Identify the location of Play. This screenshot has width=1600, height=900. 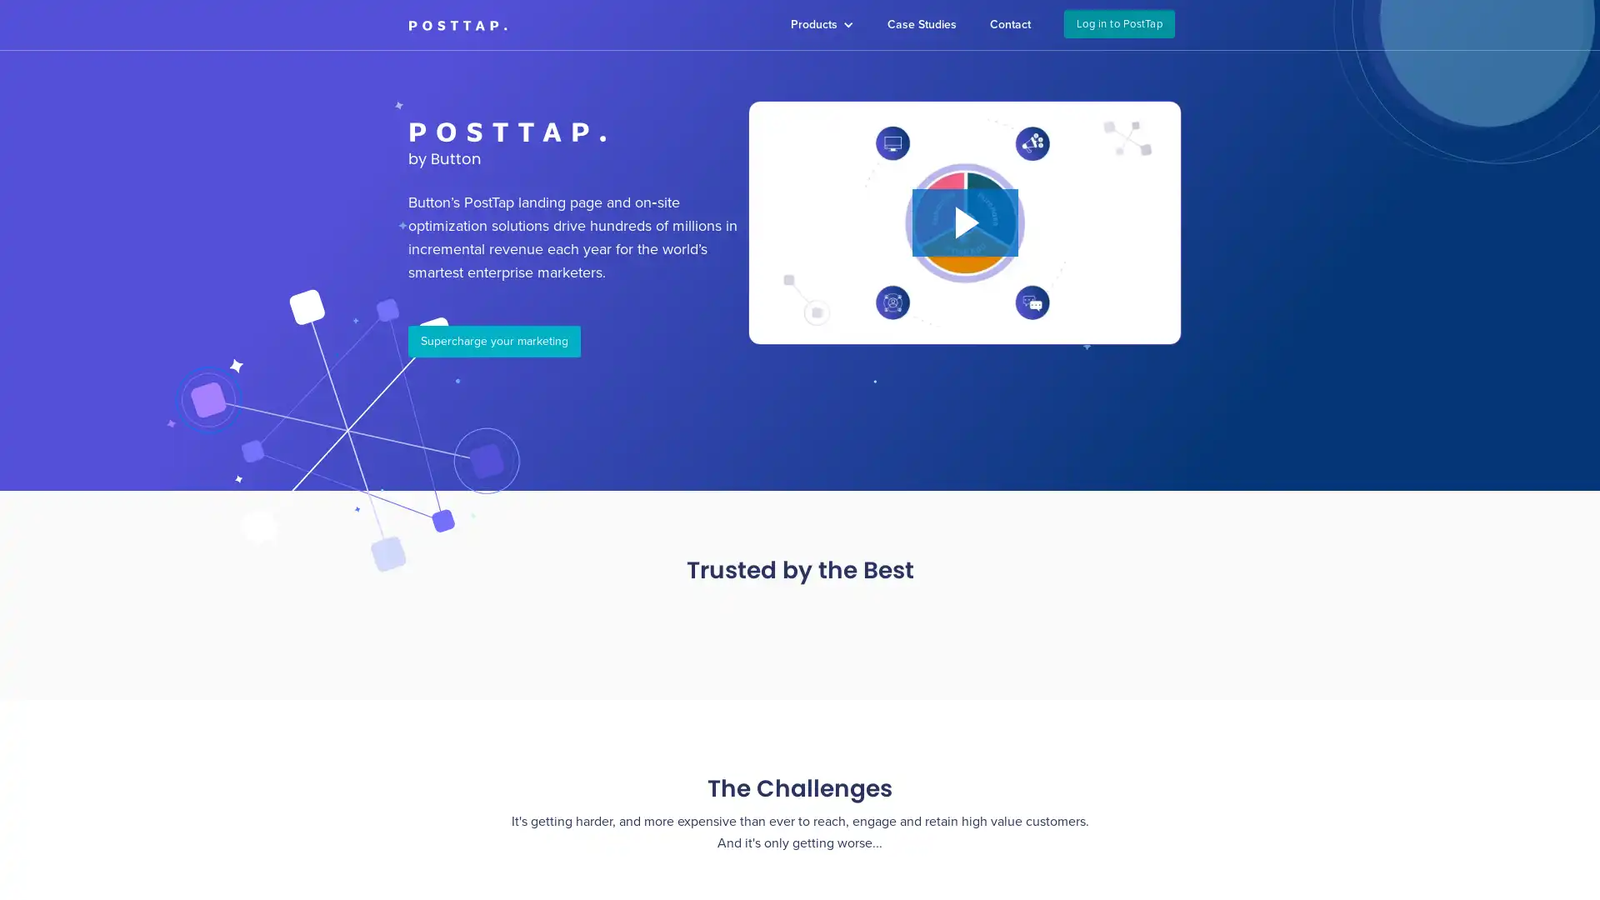
(966, 222).